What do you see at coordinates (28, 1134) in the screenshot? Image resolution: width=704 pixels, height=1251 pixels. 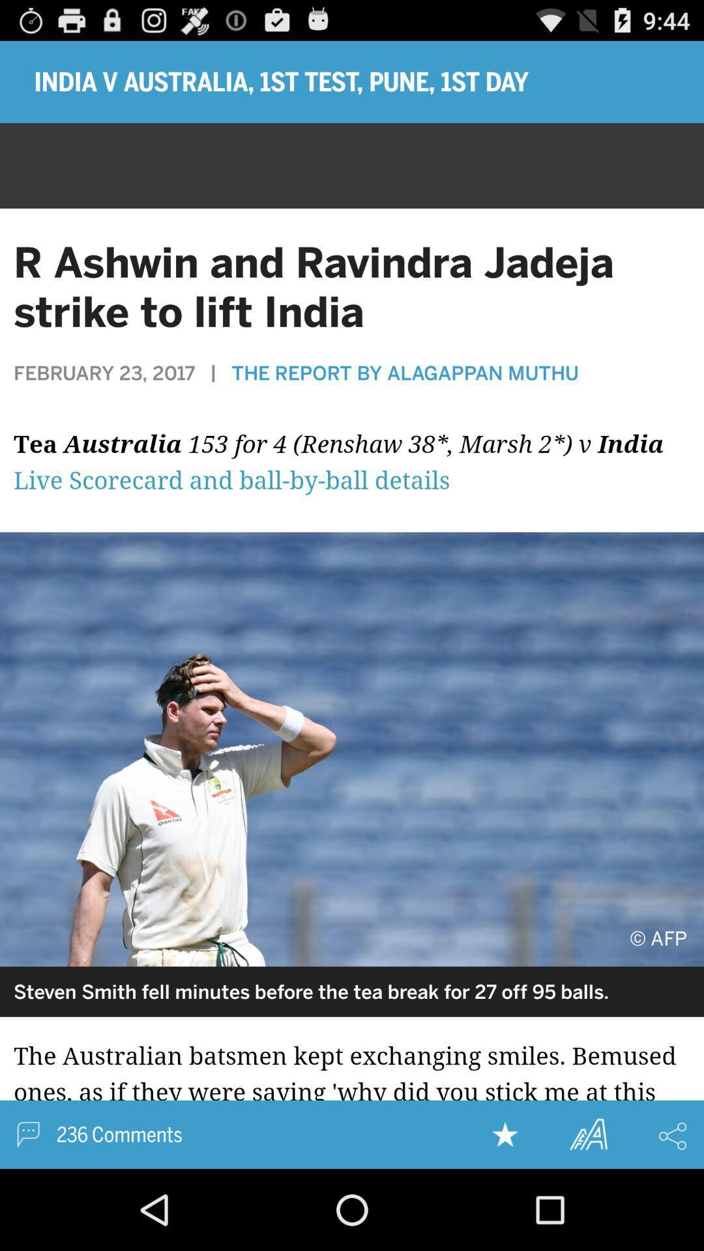 I see `massage option` at bounding box center [28, 1134].